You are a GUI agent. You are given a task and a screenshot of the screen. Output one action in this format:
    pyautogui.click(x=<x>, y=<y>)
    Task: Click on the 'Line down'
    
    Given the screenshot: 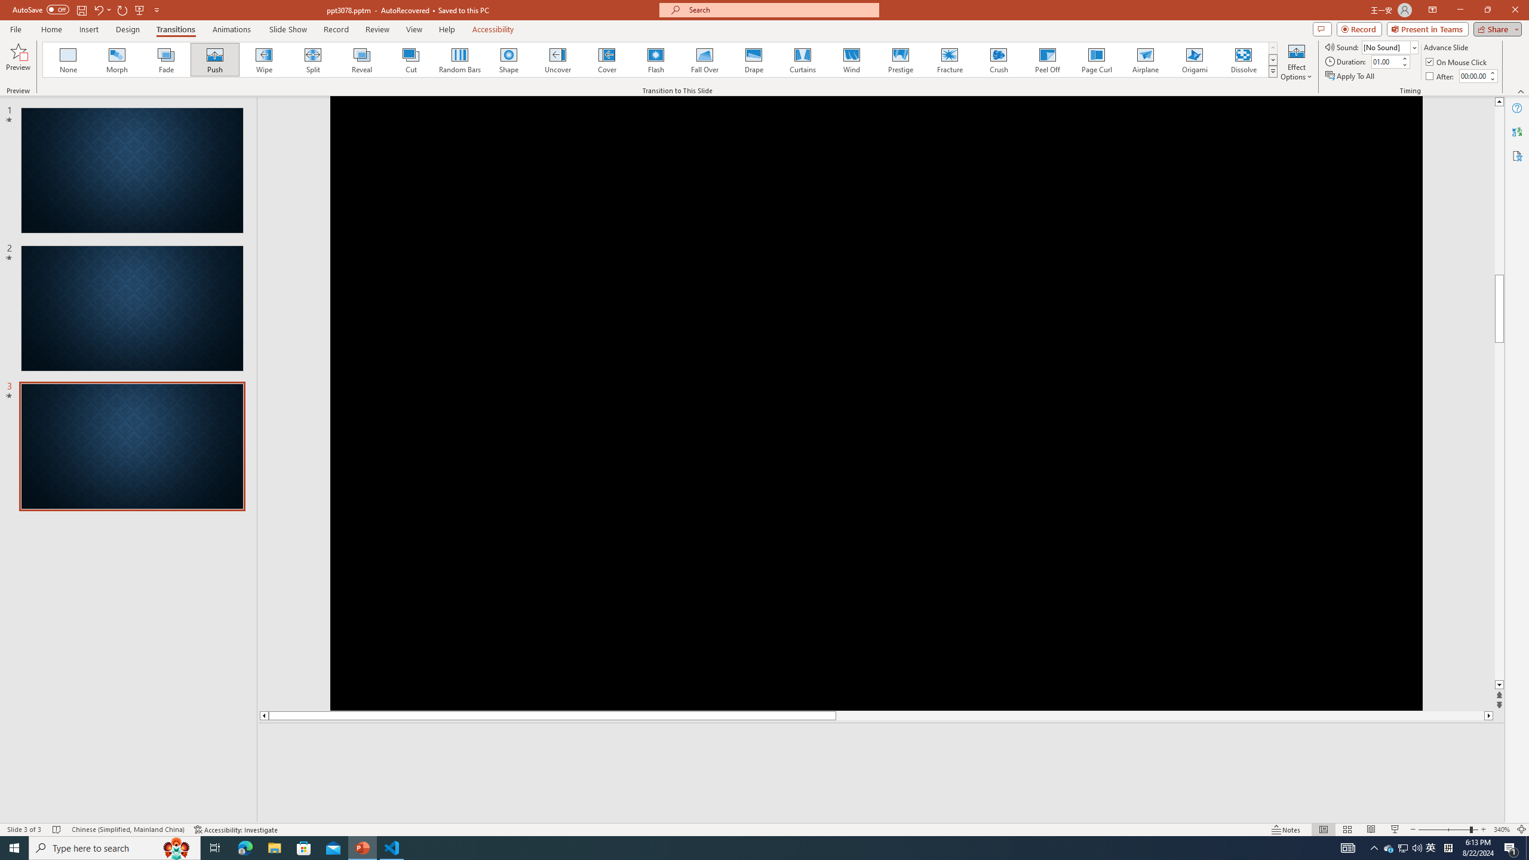 What is the action you would take?
    pyautogui.click(x=1499, y=684)
    